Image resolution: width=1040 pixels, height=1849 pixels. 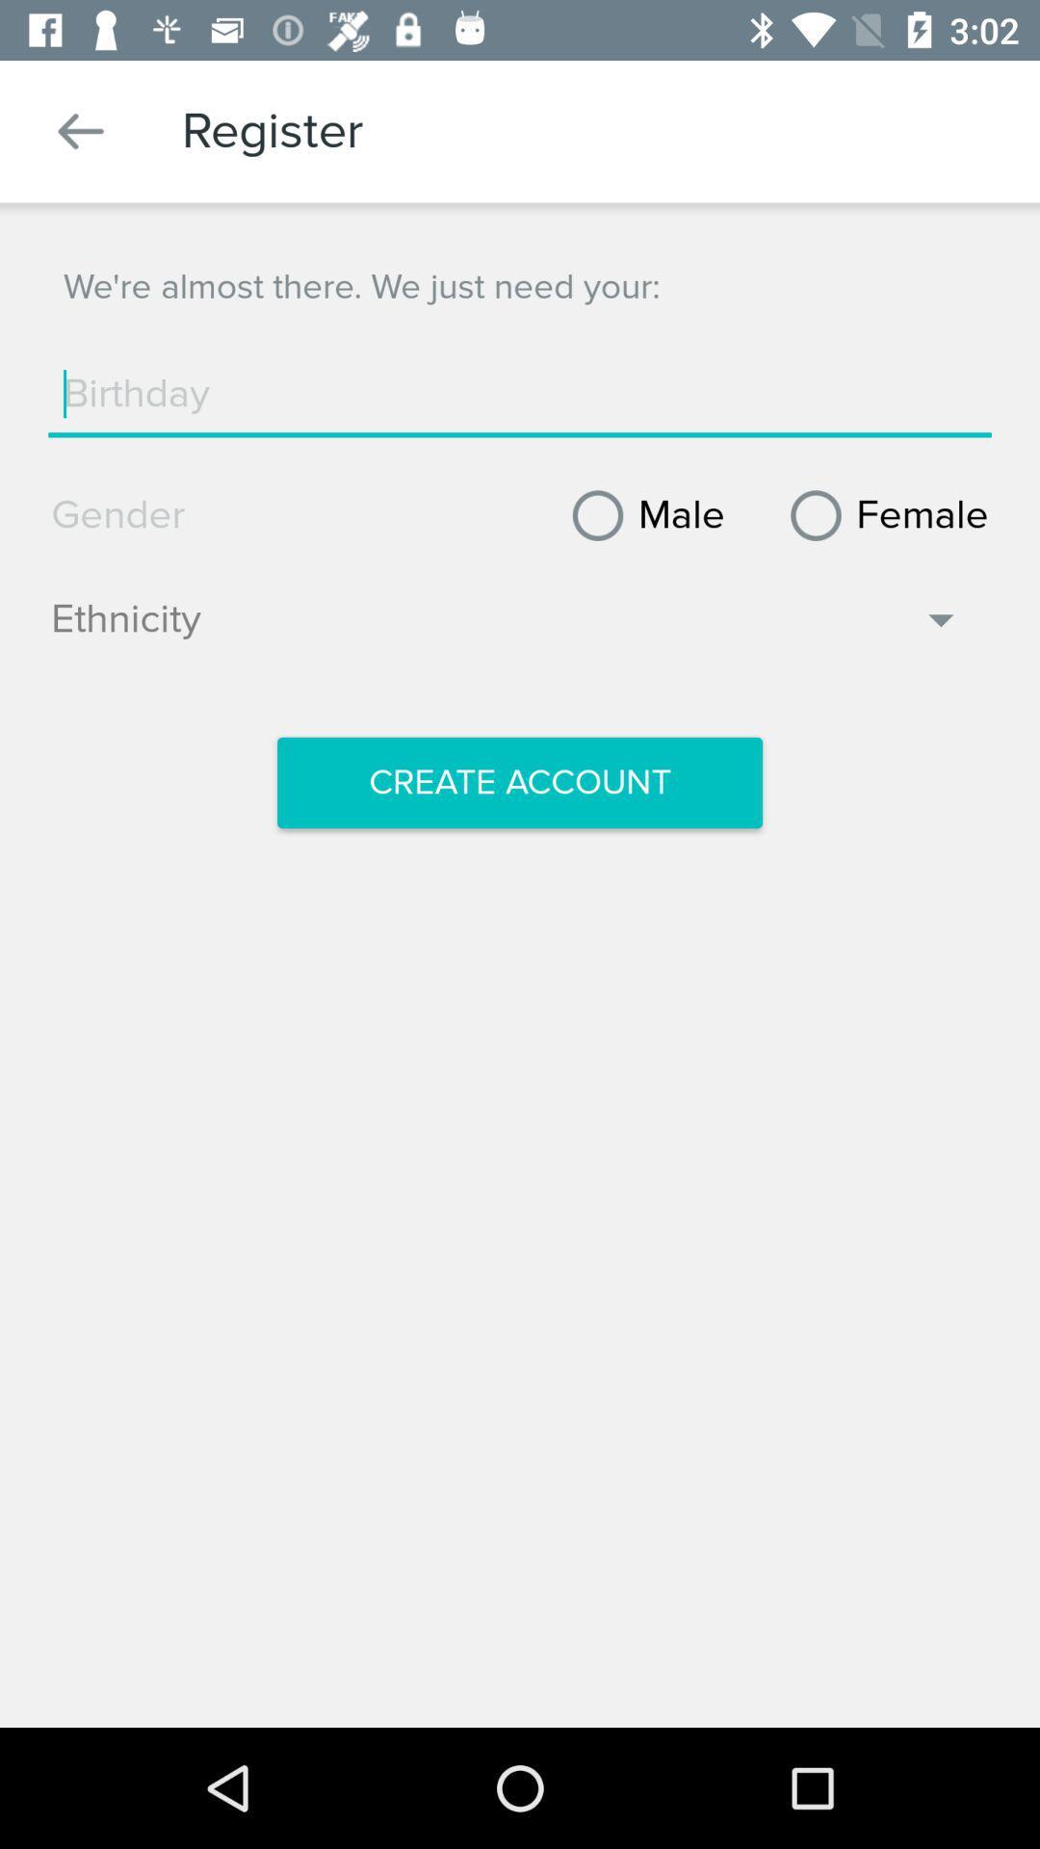 What do you see at coordinates (882, 515) in the screenshot?
I see `the item next to male item` at bounding box center [882, 515].